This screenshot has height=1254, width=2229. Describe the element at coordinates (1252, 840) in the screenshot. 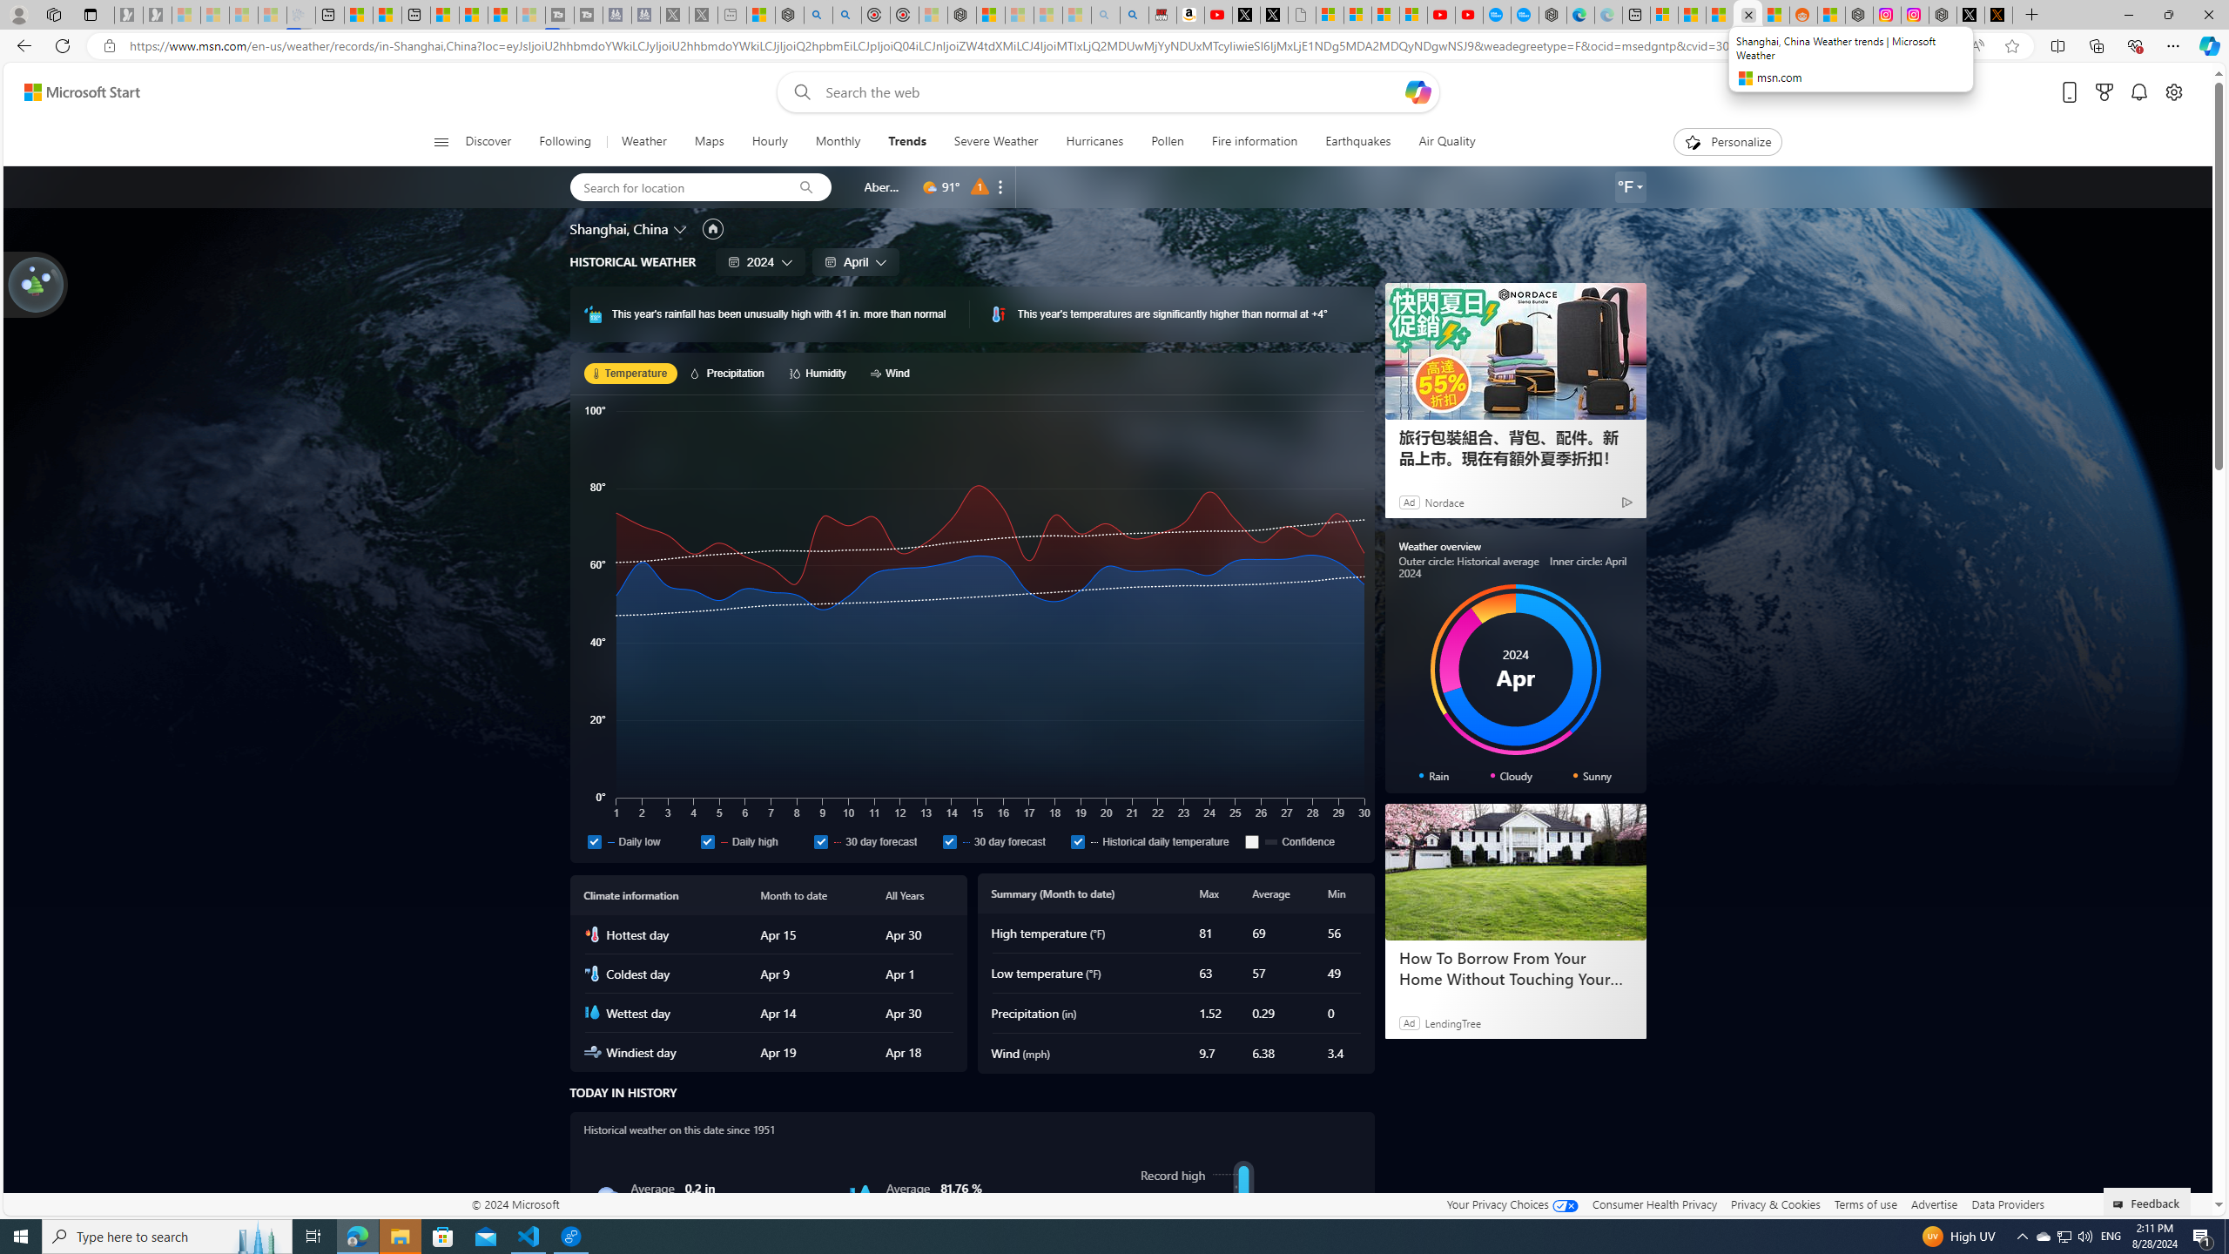

I see `'Confidence'` at that location.